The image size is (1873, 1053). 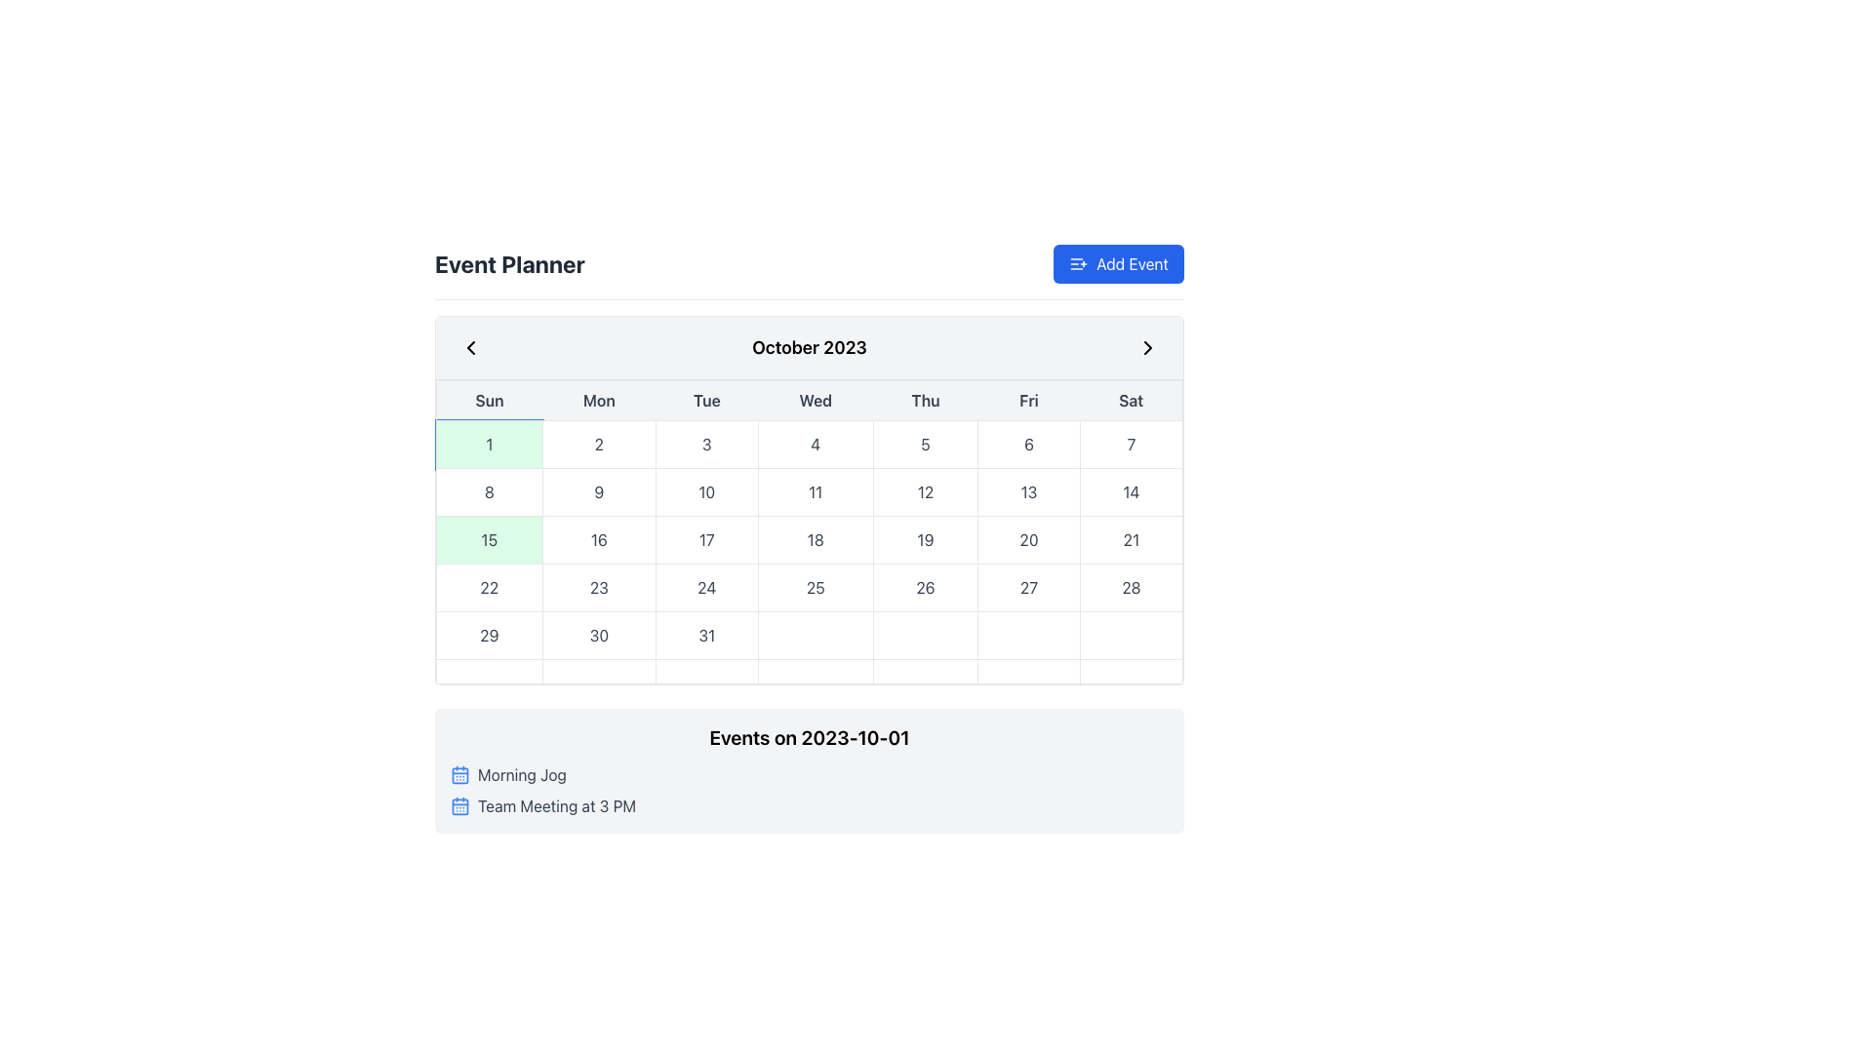 What do you see at coordinates (1119, 263) in the screenshot?
I see `the 'Add Event' button with a blue background and white text` at bounding box center [1119, 263].